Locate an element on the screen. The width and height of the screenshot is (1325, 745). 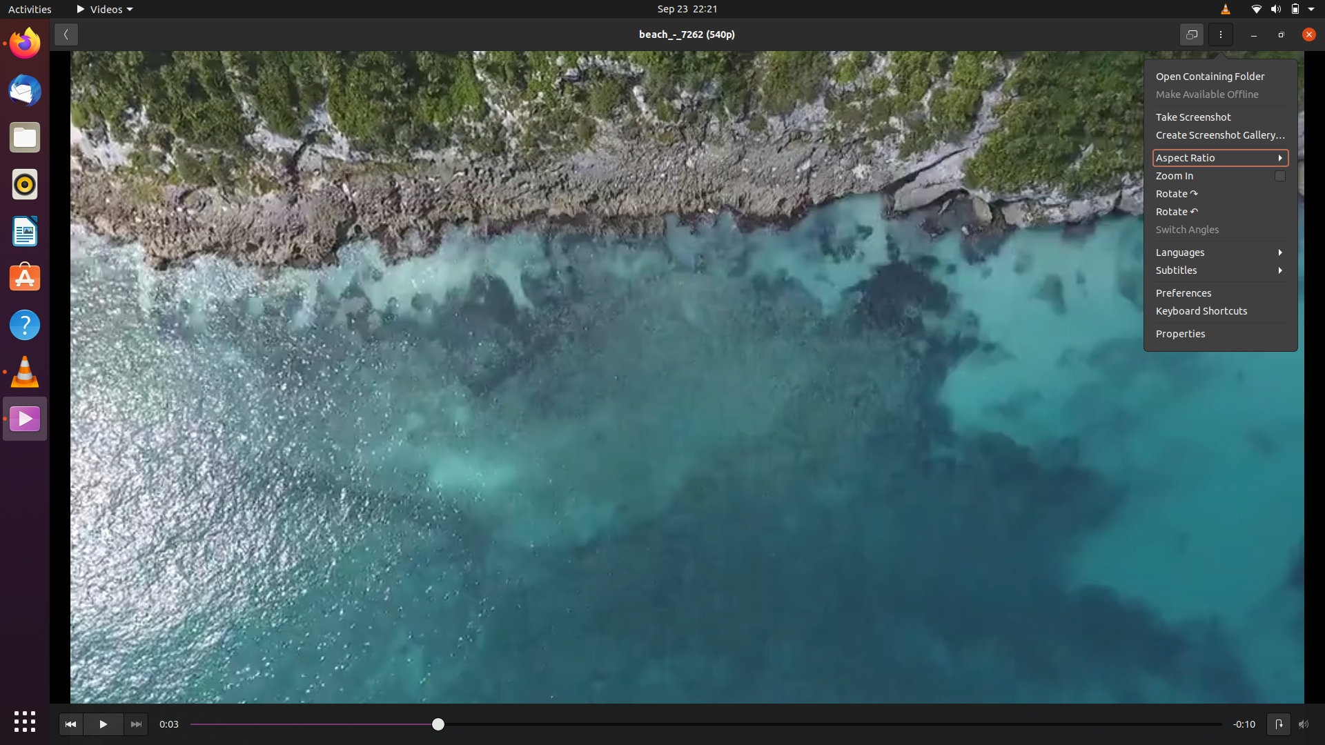
Locate the folder containing the currently playing video is located at coordinates (1218, 76).